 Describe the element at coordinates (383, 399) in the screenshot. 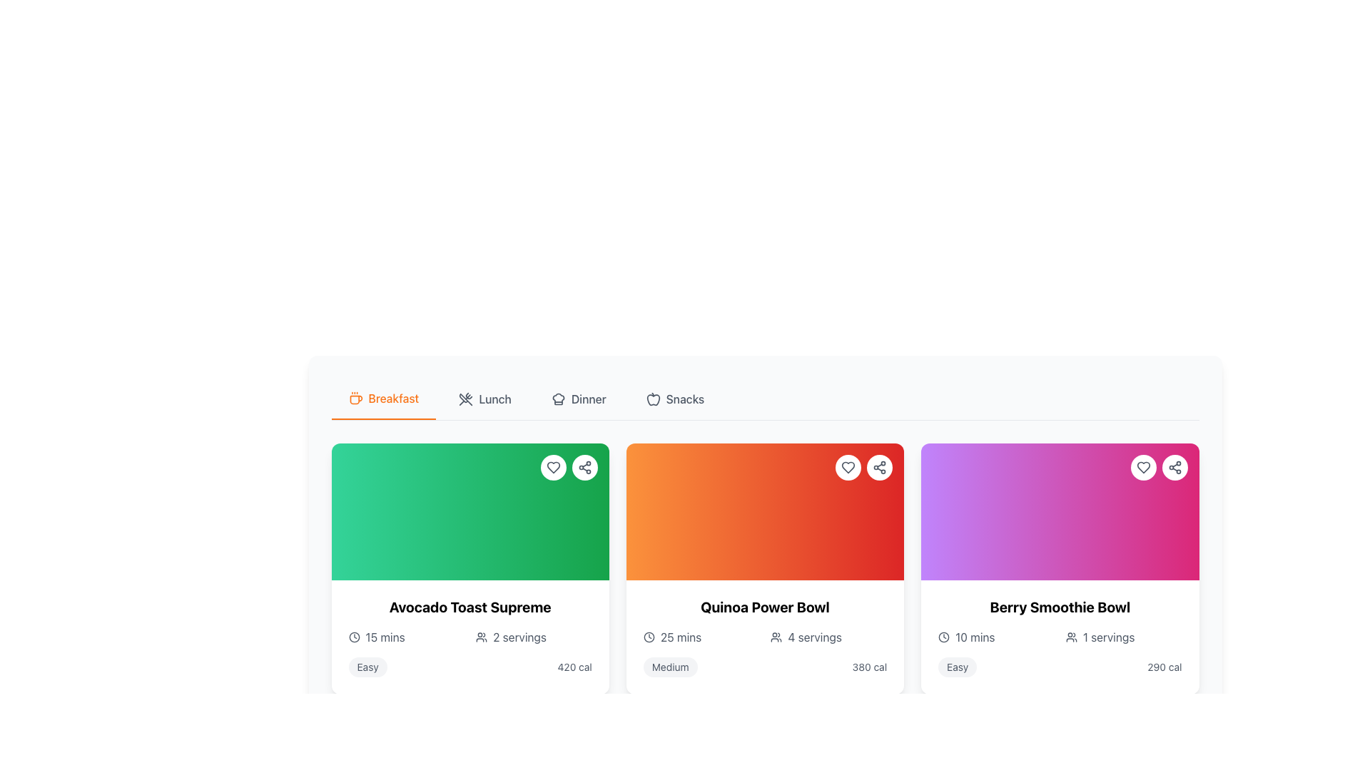

I see `the 'Breakfast' interactive button, which features a coffee cup icon and an orange label, located in the upper-left section of the navigation bar` at that location.